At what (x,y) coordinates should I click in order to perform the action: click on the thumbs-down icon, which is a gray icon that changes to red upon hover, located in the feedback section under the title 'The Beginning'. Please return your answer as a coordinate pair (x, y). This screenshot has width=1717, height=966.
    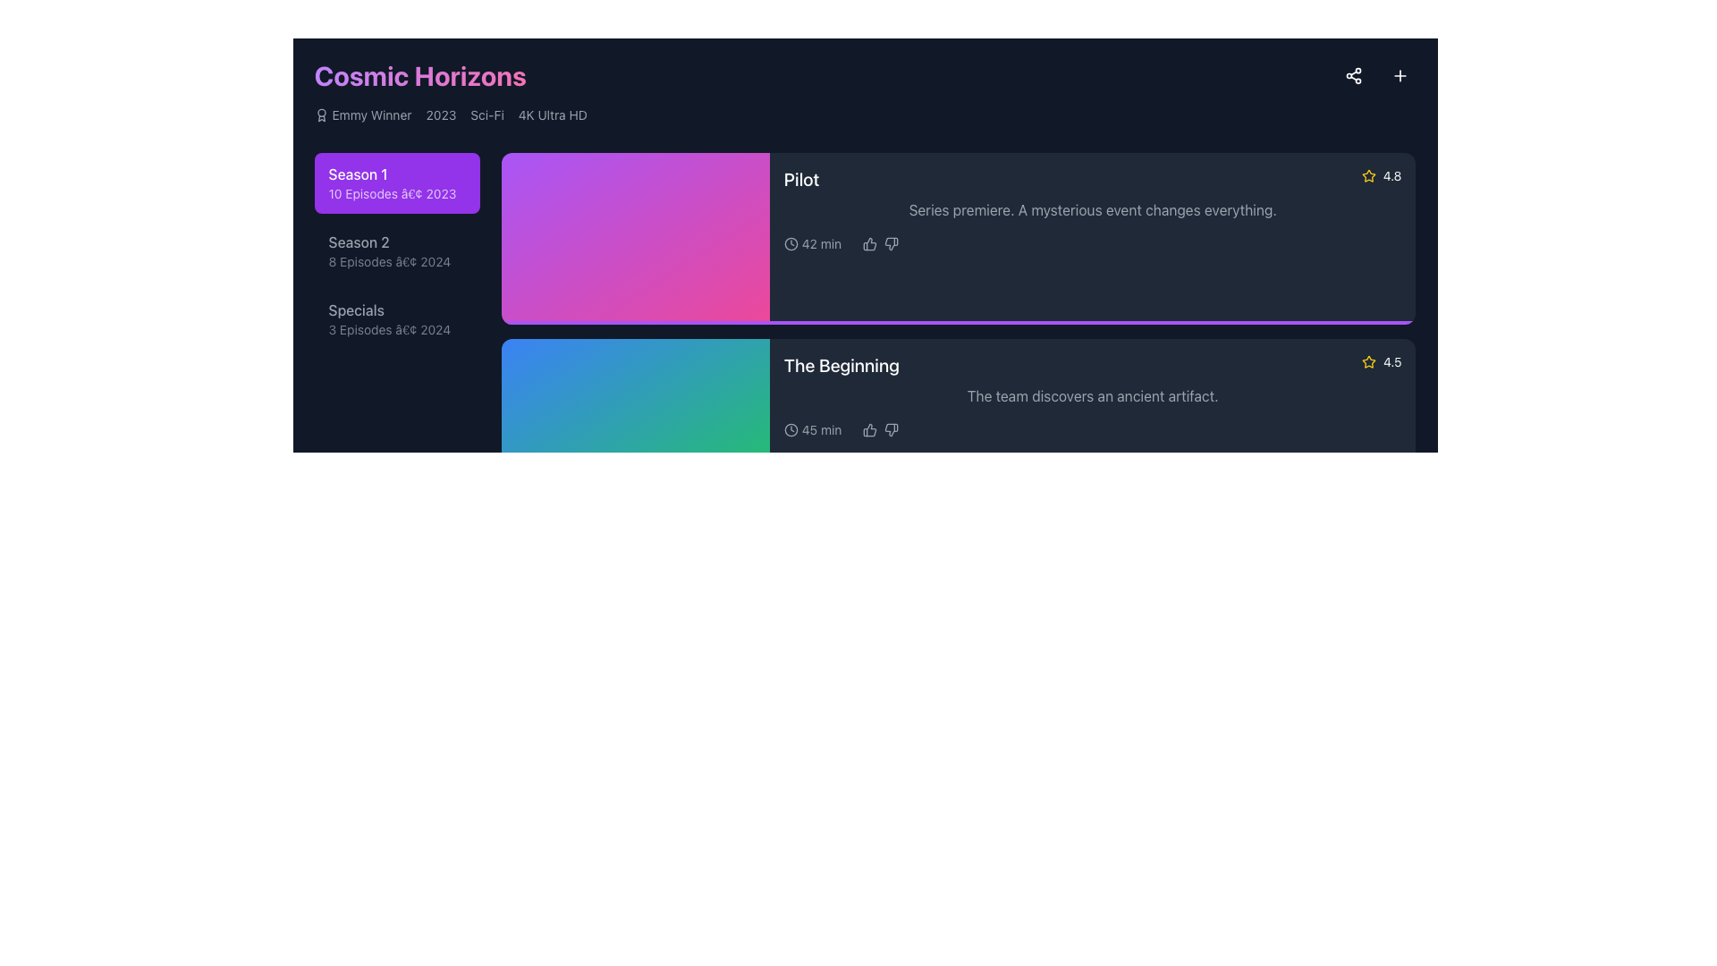
    Looking at the image, I should click on (892, 430).